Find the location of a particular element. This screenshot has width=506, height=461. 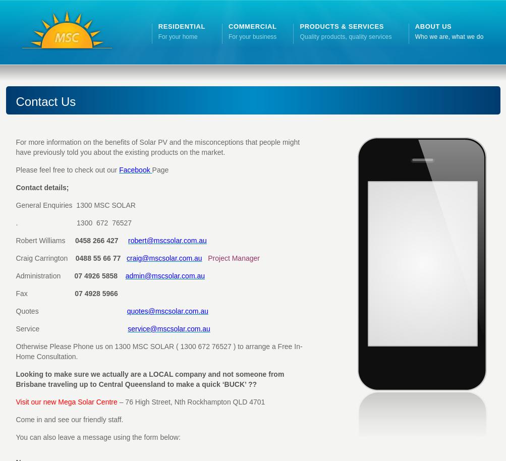

'Project Manager' is located at coordinates (233, 258).